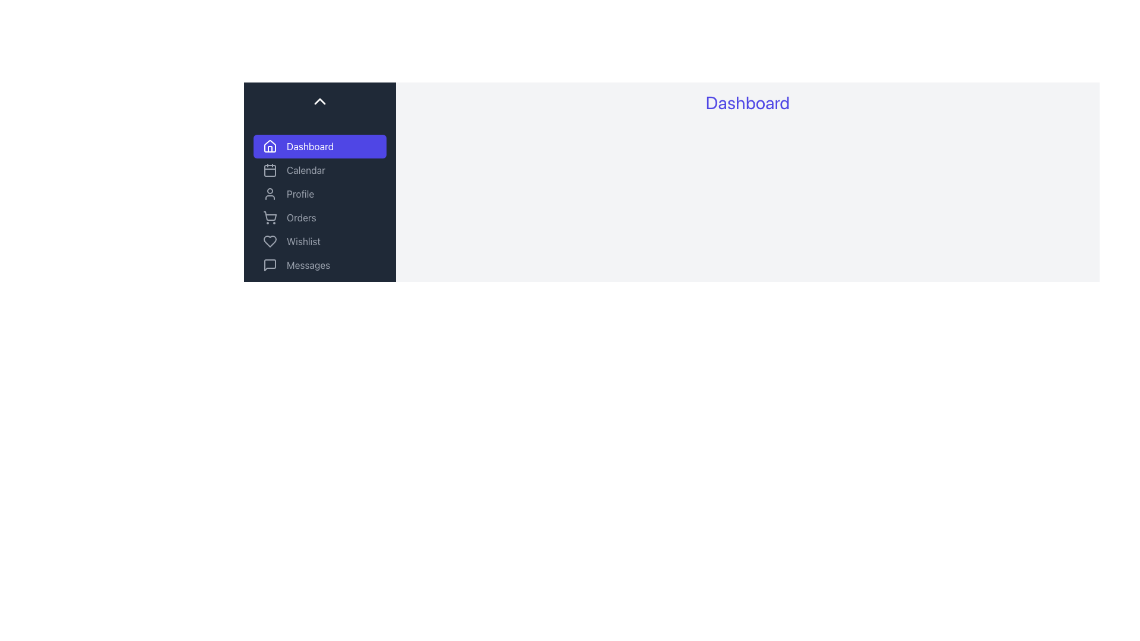 The width and height of the screenshot is (1140, 641). Describe the element at coordinates (319, 241) in the screenshot. I see `the fifth button in the vertical navigation menu` at that location.